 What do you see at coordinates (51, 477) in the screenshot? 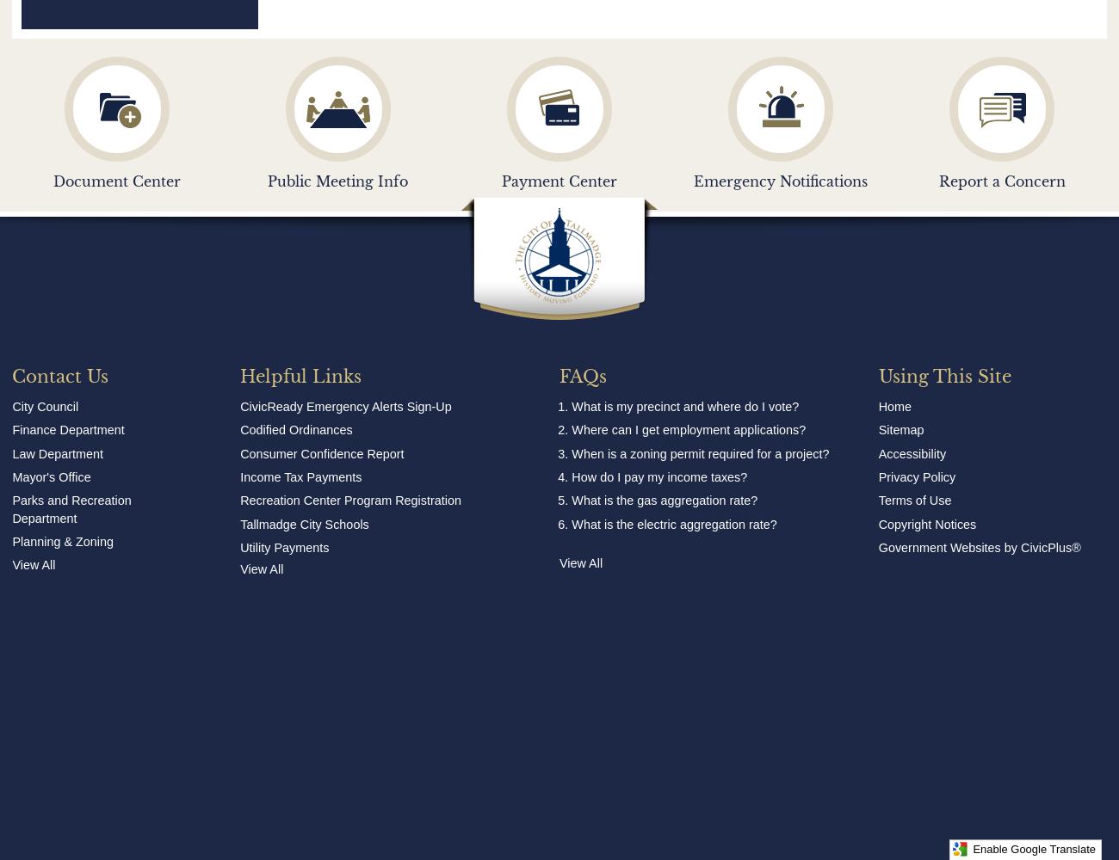
I see `'Mayor's Office'` at bounding box center [51, 477].